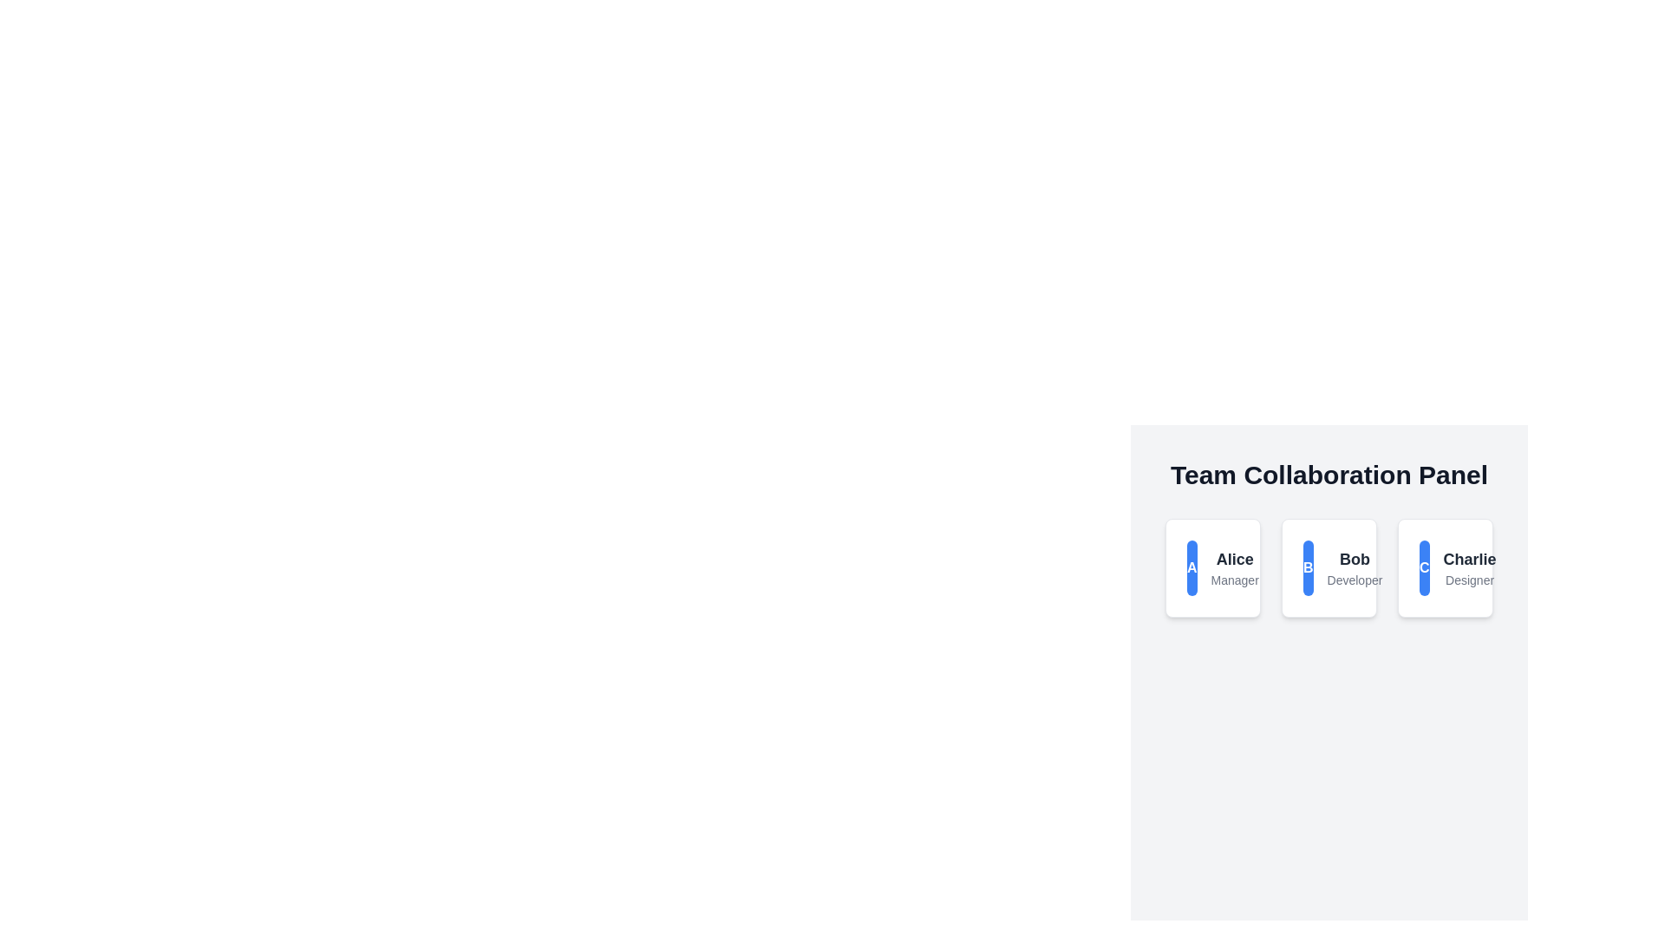  Describe the element at coordinates (1445, 568) in the screenshot. I see `information displayed on the Profile Card for 'Charlie', who is a 'Designer', located in the Team Collaboration Panel, specifically the third card in the grid layout` at that location.